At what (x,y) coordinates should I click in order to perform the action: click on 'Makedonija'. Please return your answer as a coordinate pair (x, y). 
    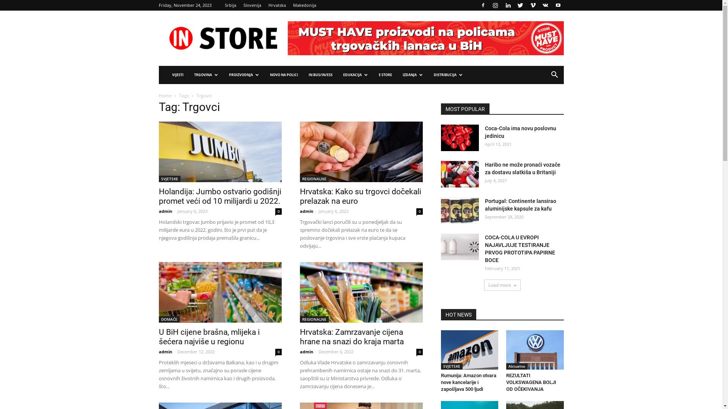
    Looking at the image, I should click on (304, 5).